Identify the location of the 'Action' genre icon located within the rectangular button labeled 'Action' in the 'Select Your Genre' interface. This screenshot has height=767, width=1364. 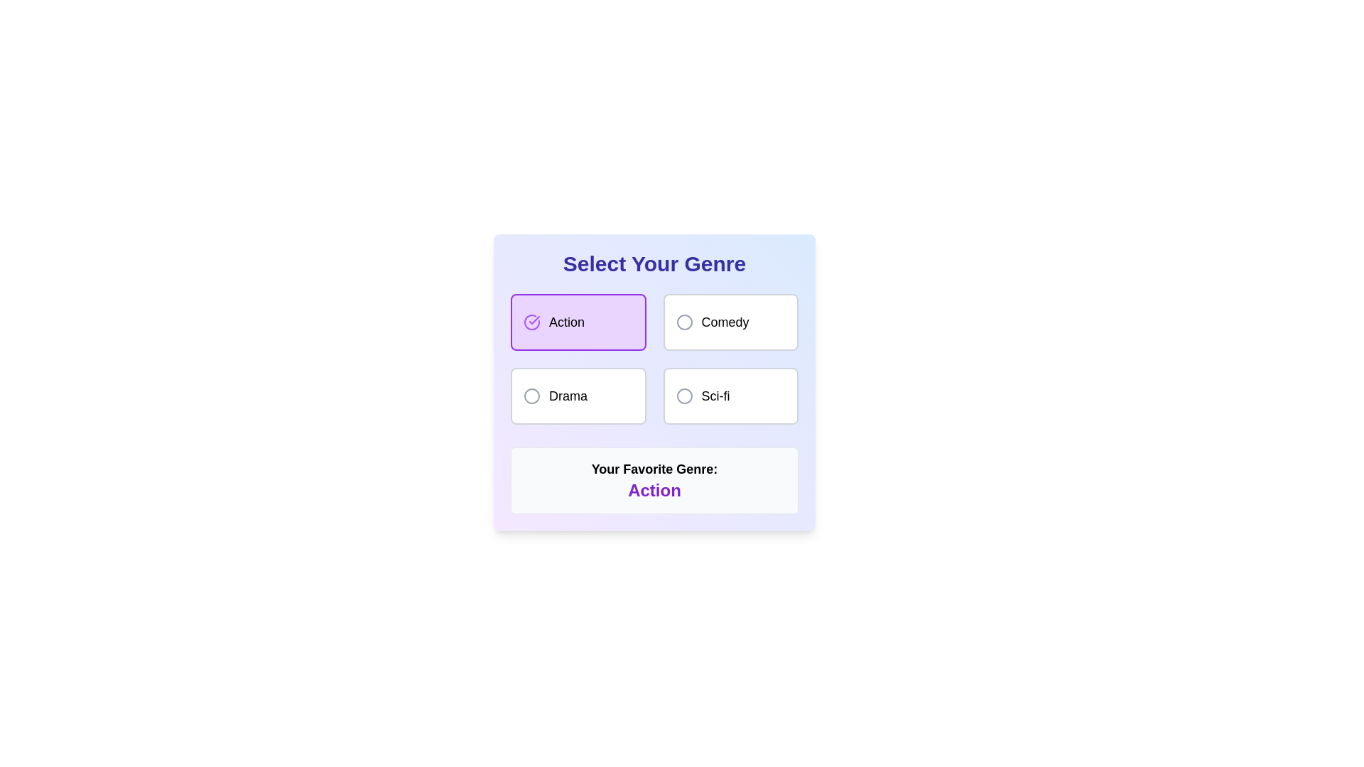
(531, 322).